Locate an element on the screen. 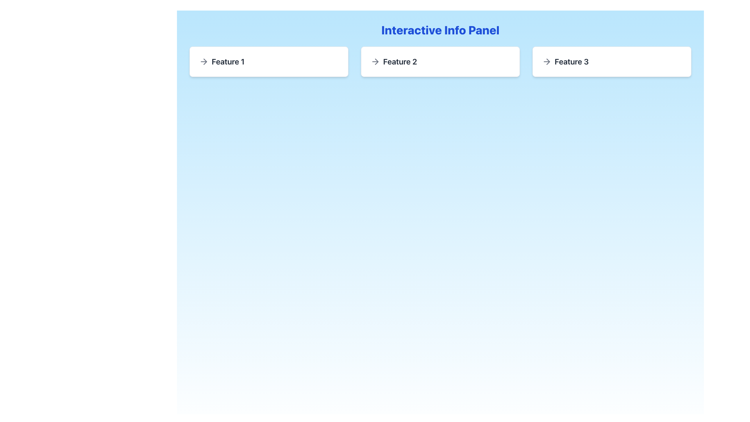  the Text Label identifying 'Feature 3' located in the rightmost card among three horizontally aligned cards, adjacent to a right arrow icon is located at coordinates (571, 61).